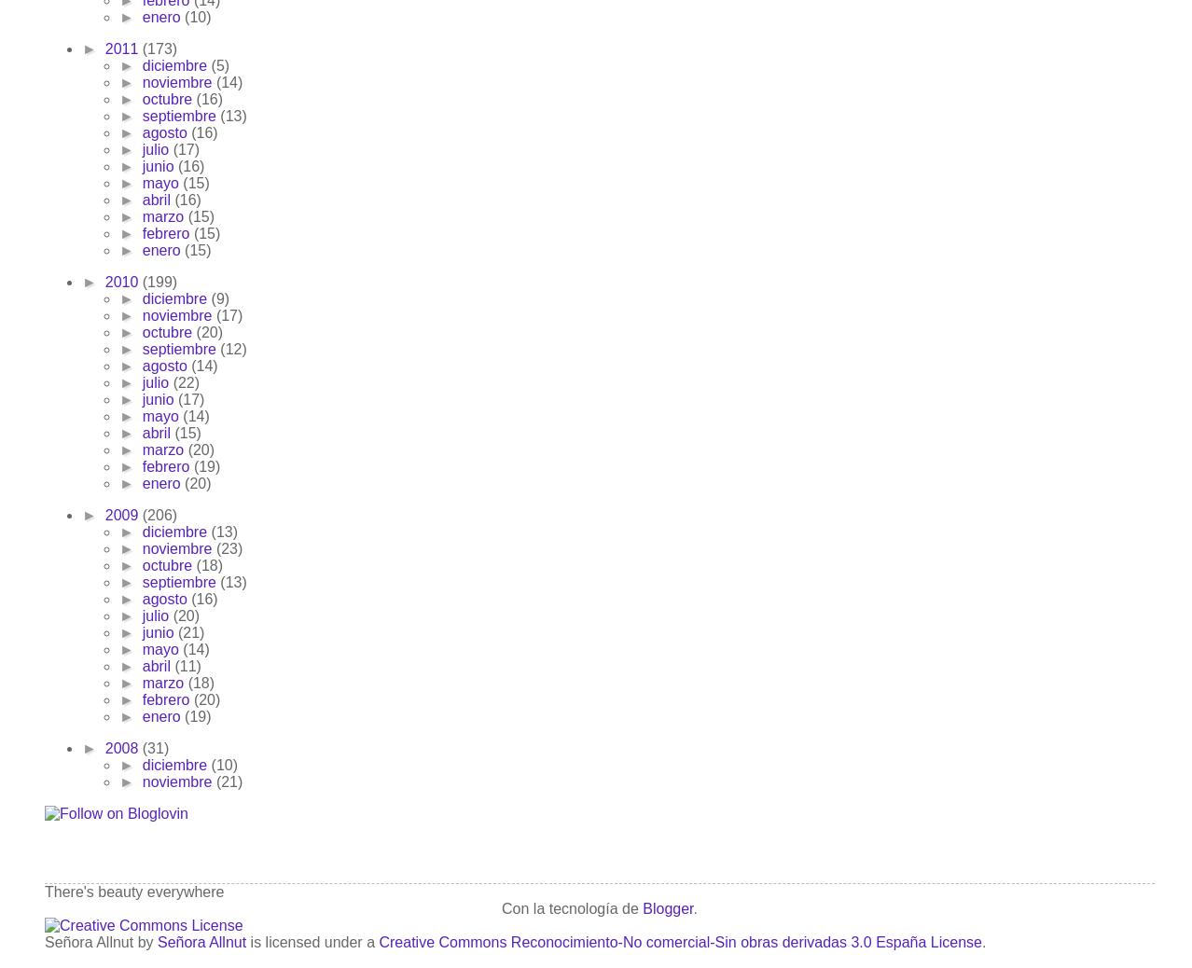  What do you see at coordinates (134, 892) in the screenshot?
I see `'There's beauty everywhere'` at bounding box center [134, 892].